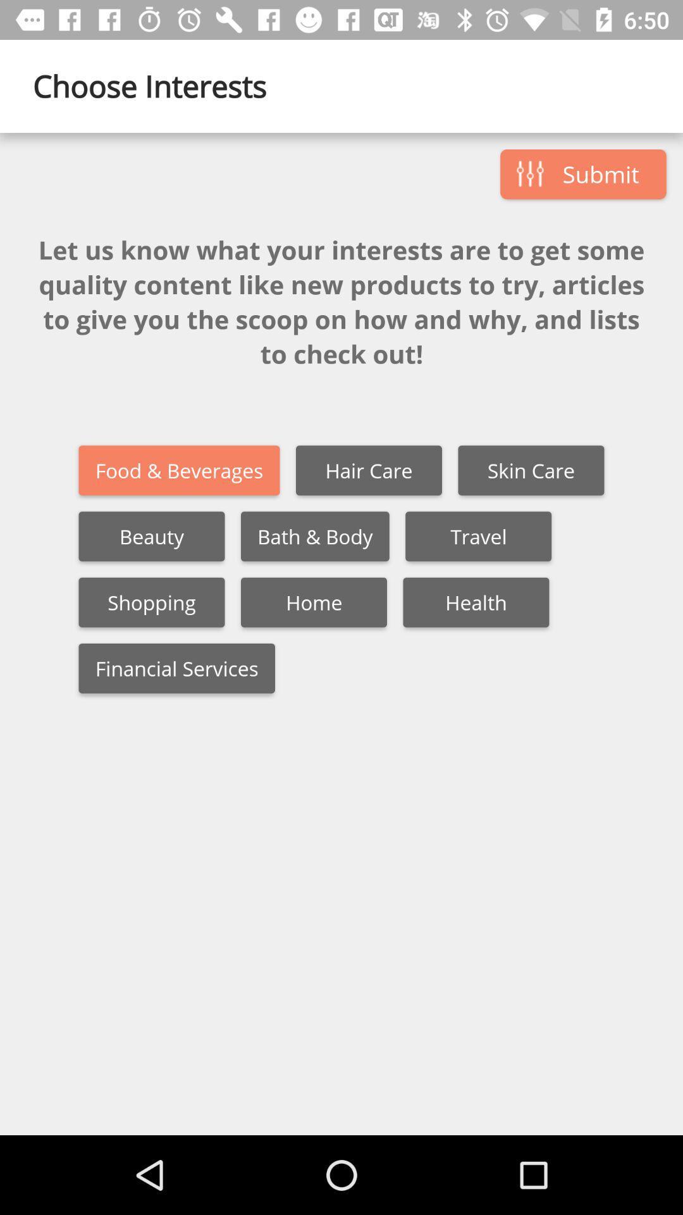 The image size is (683, 1215). I want to click on icon to the left of home, so click(151, 602).